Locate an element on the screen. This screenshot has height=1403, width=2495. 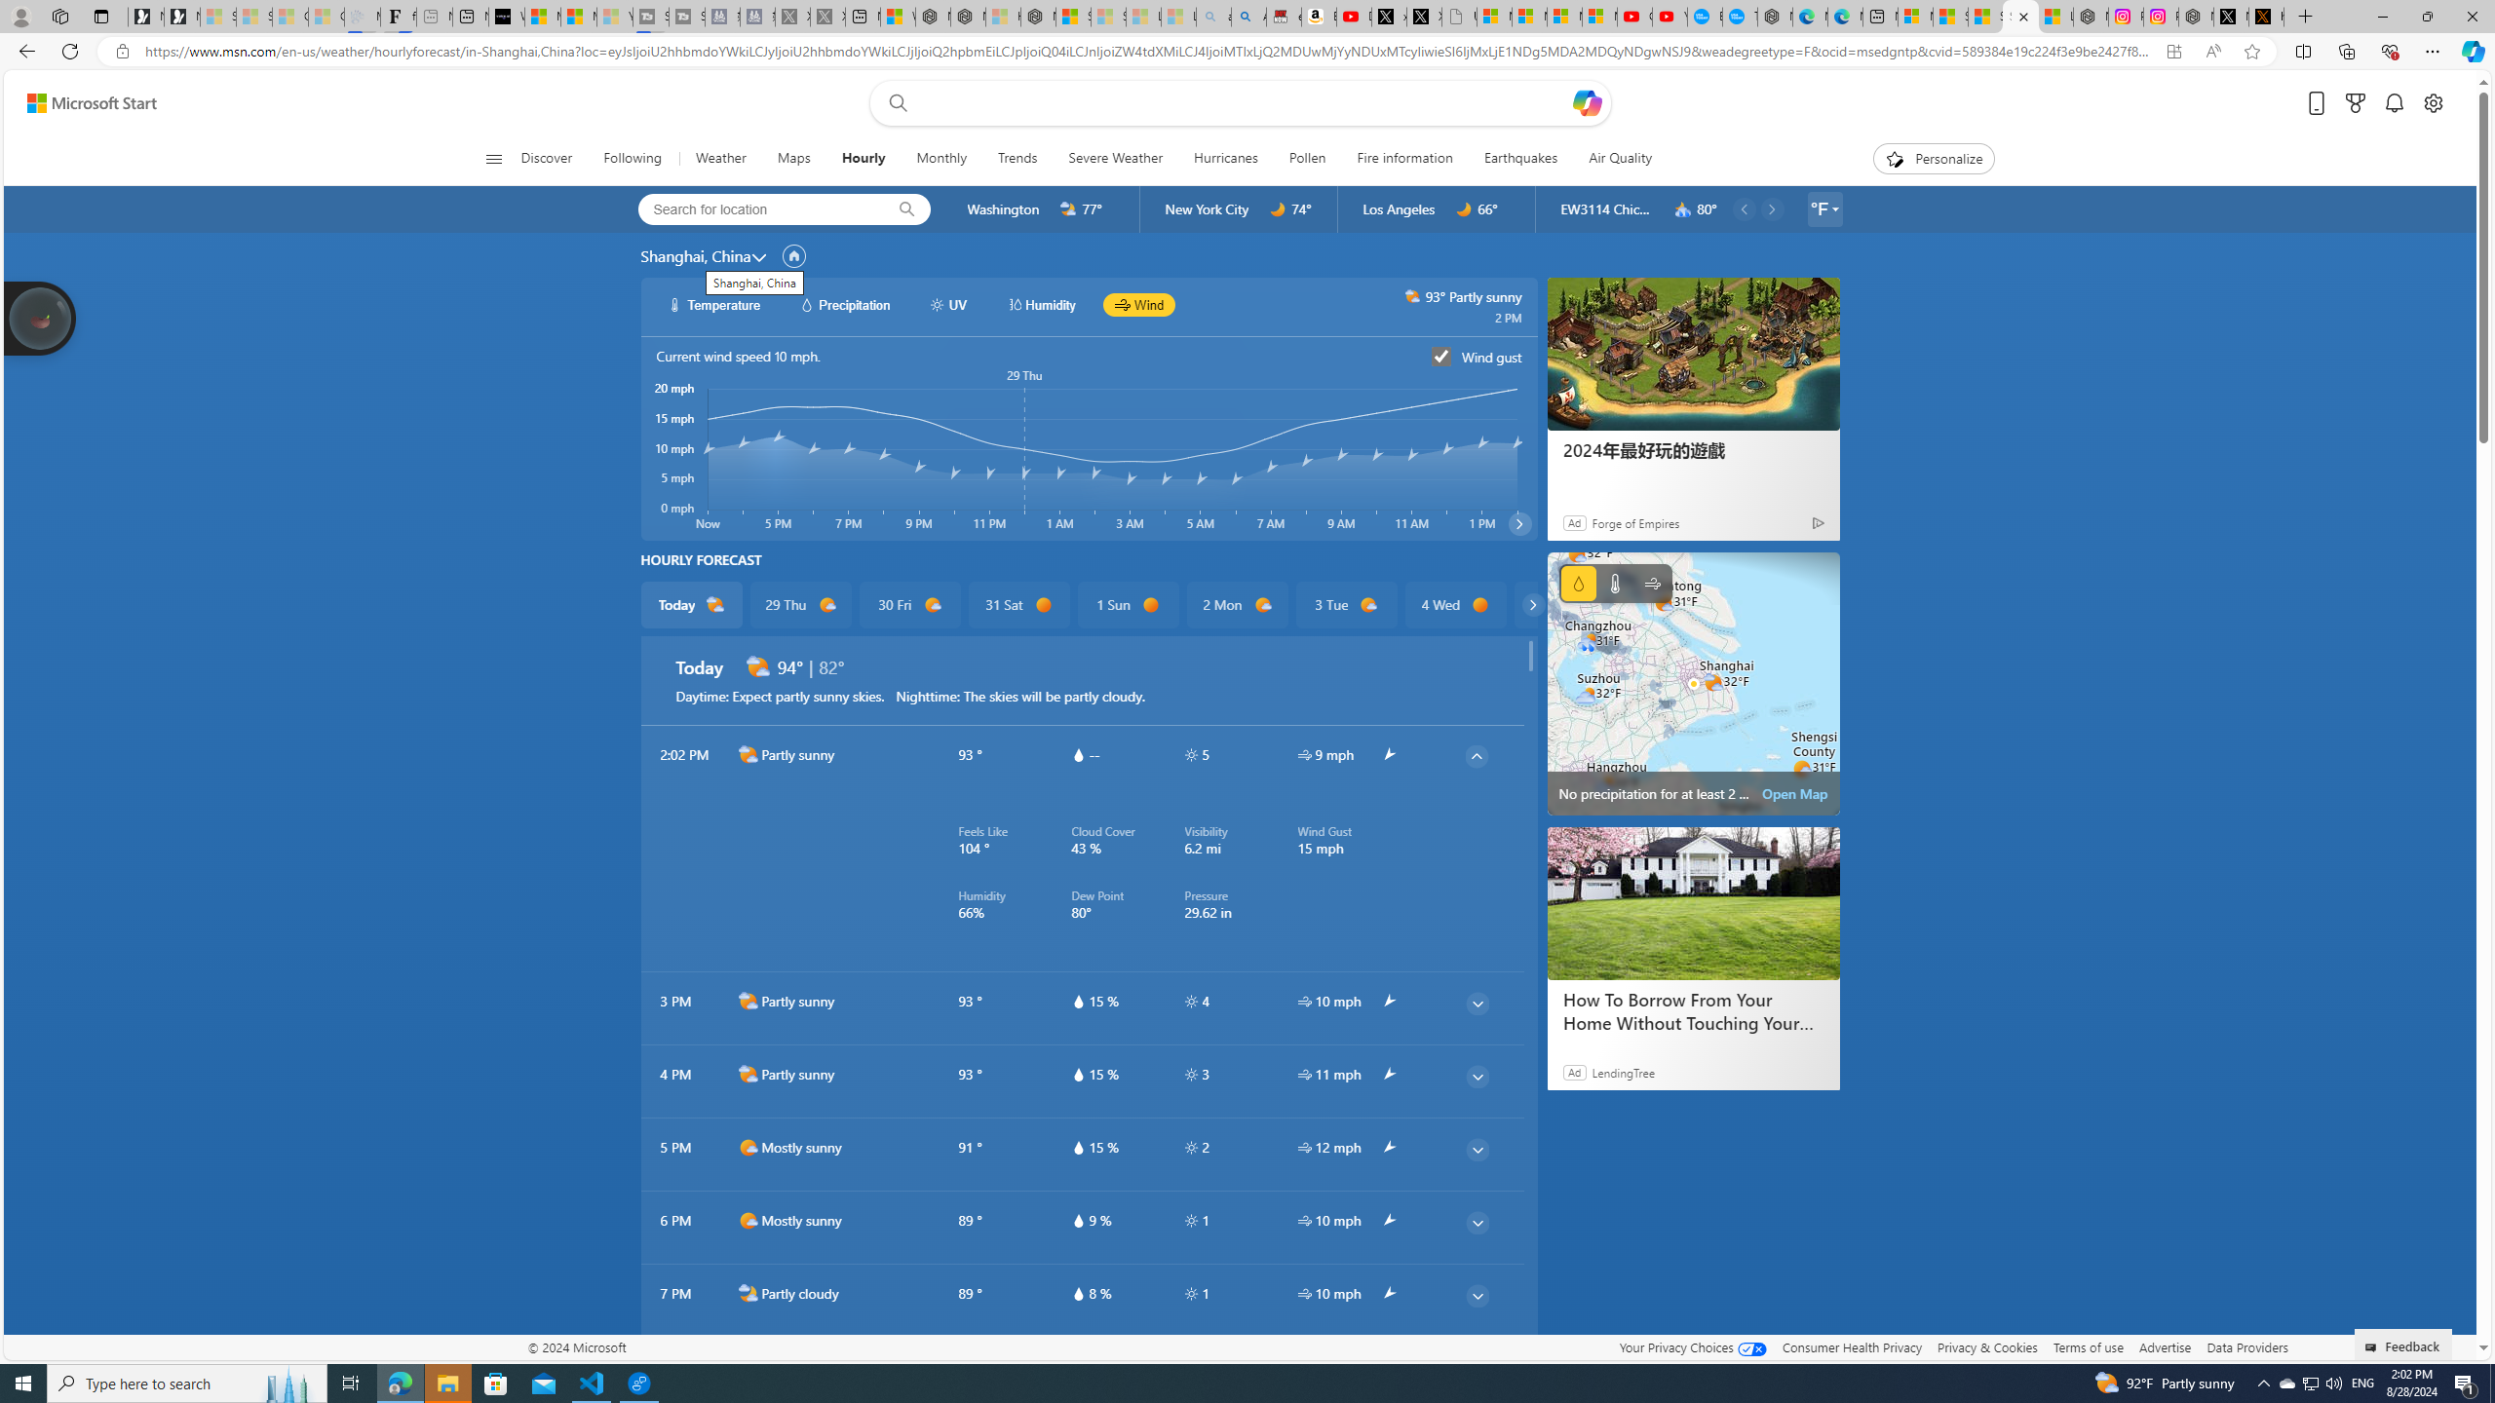
'Hurricanes' is located at coordinates (1225, 158).